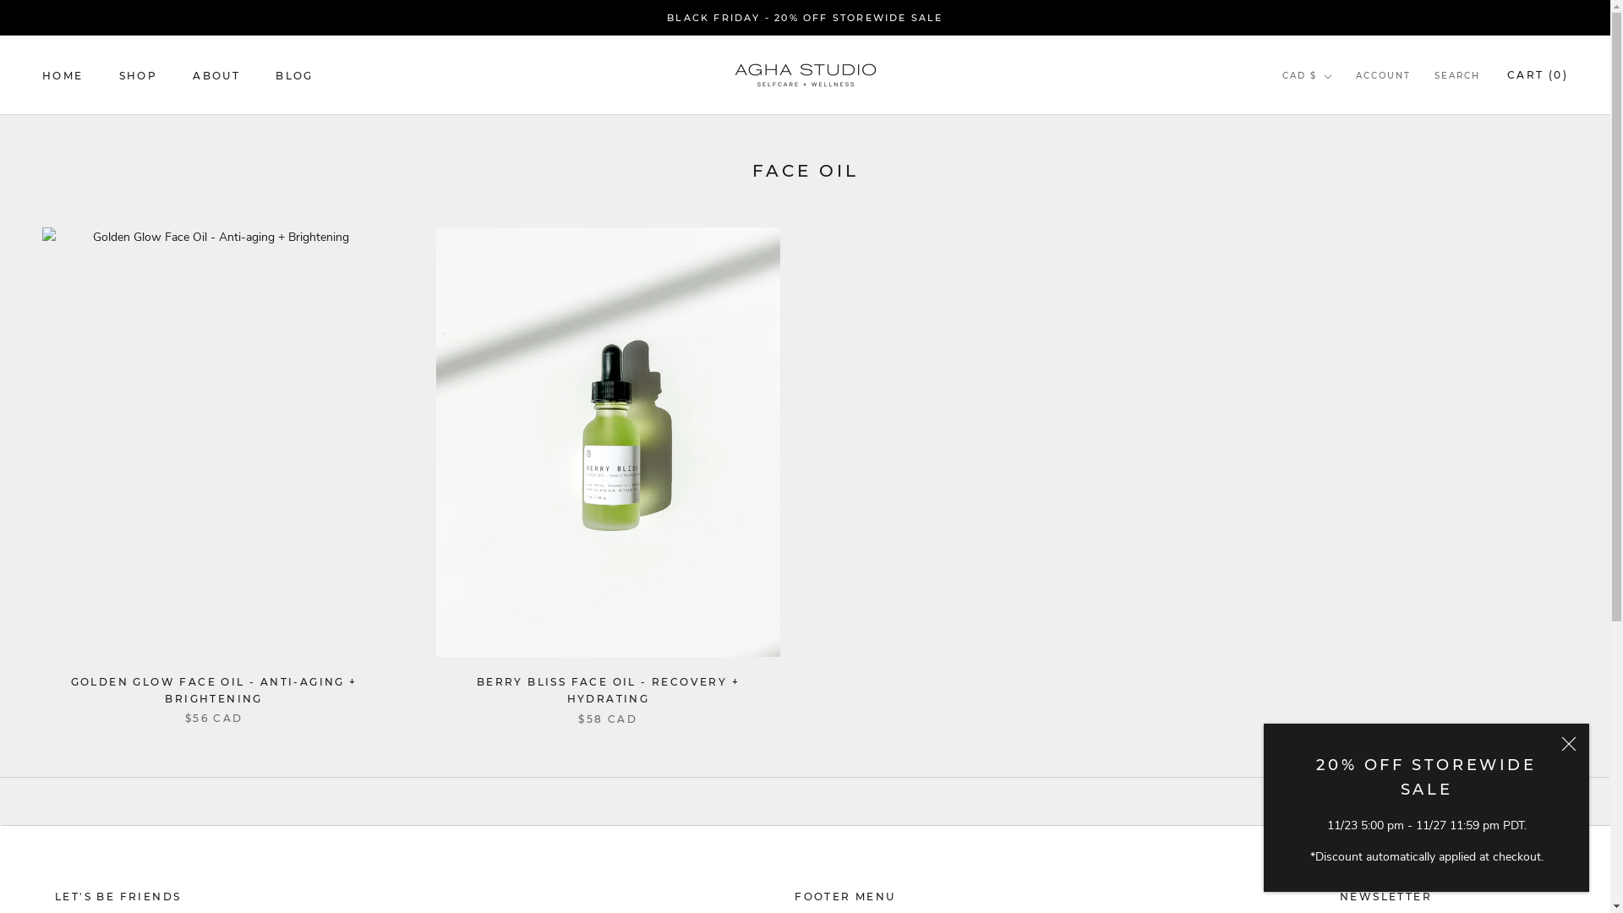 The height and width of the screenshot is (913, 1623). I want to click on 'CART (0)', so click(1538, 74).